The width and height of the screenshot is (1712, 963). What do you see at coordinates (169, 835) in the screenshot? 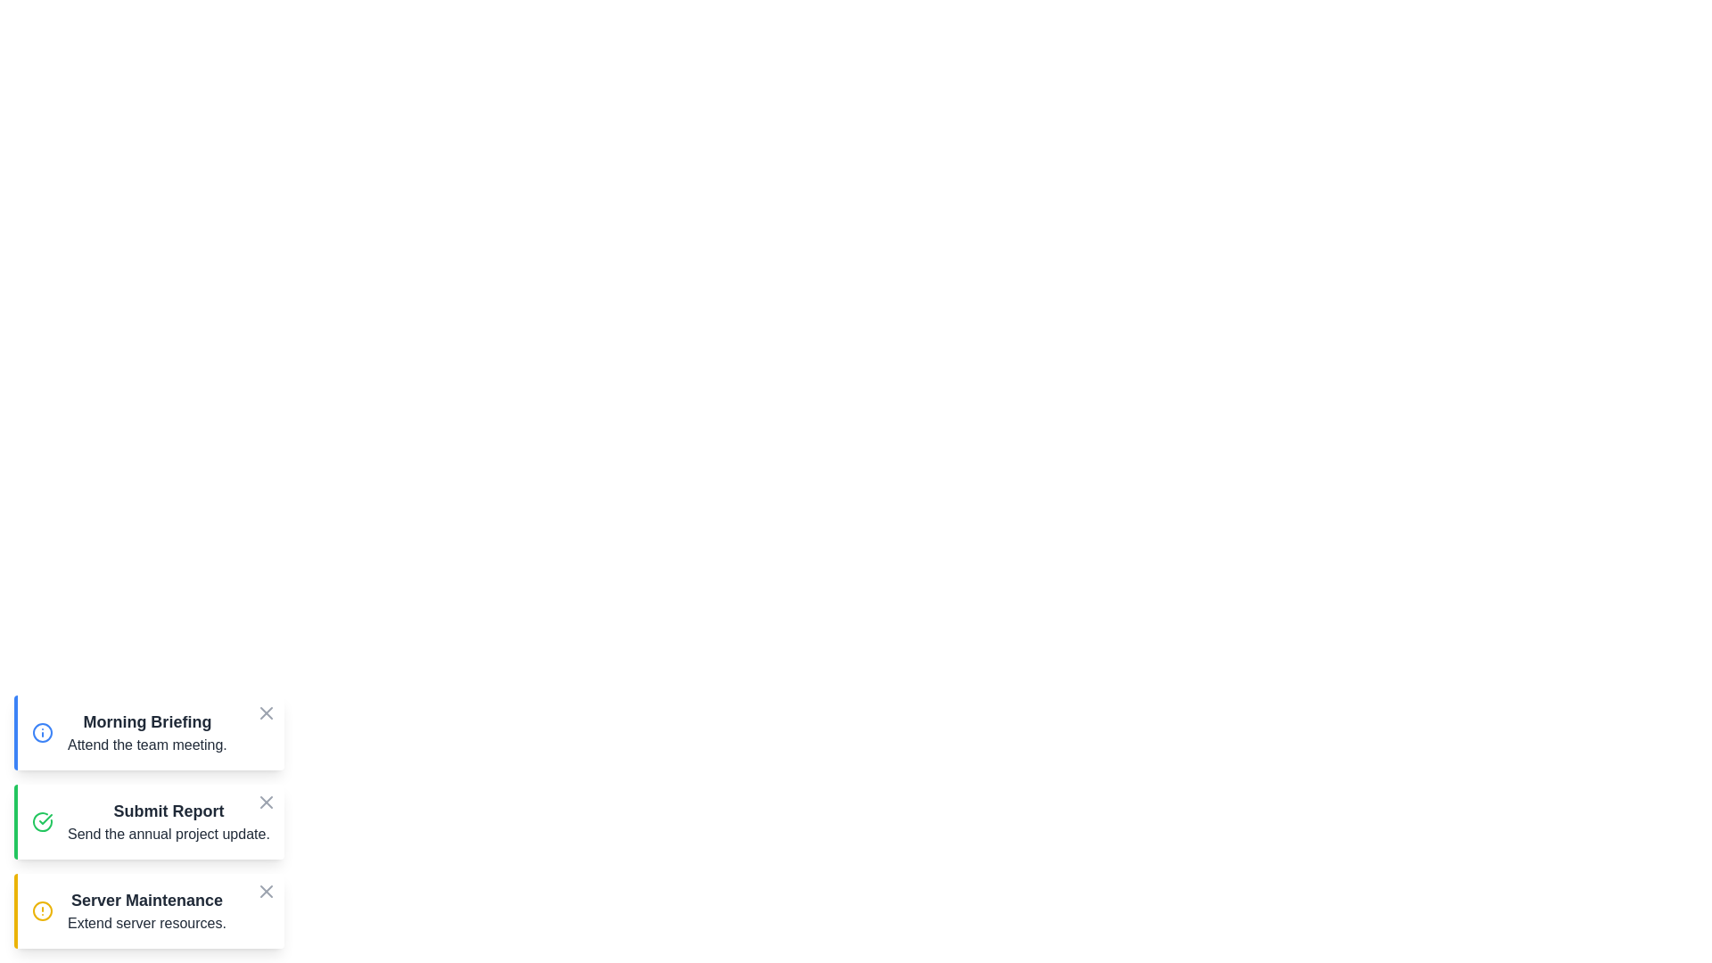
I see `text element providing additional details about the task titled 'Submit Report', located directly below the heading 'Submit Report'` at bounding box center [169, 835].